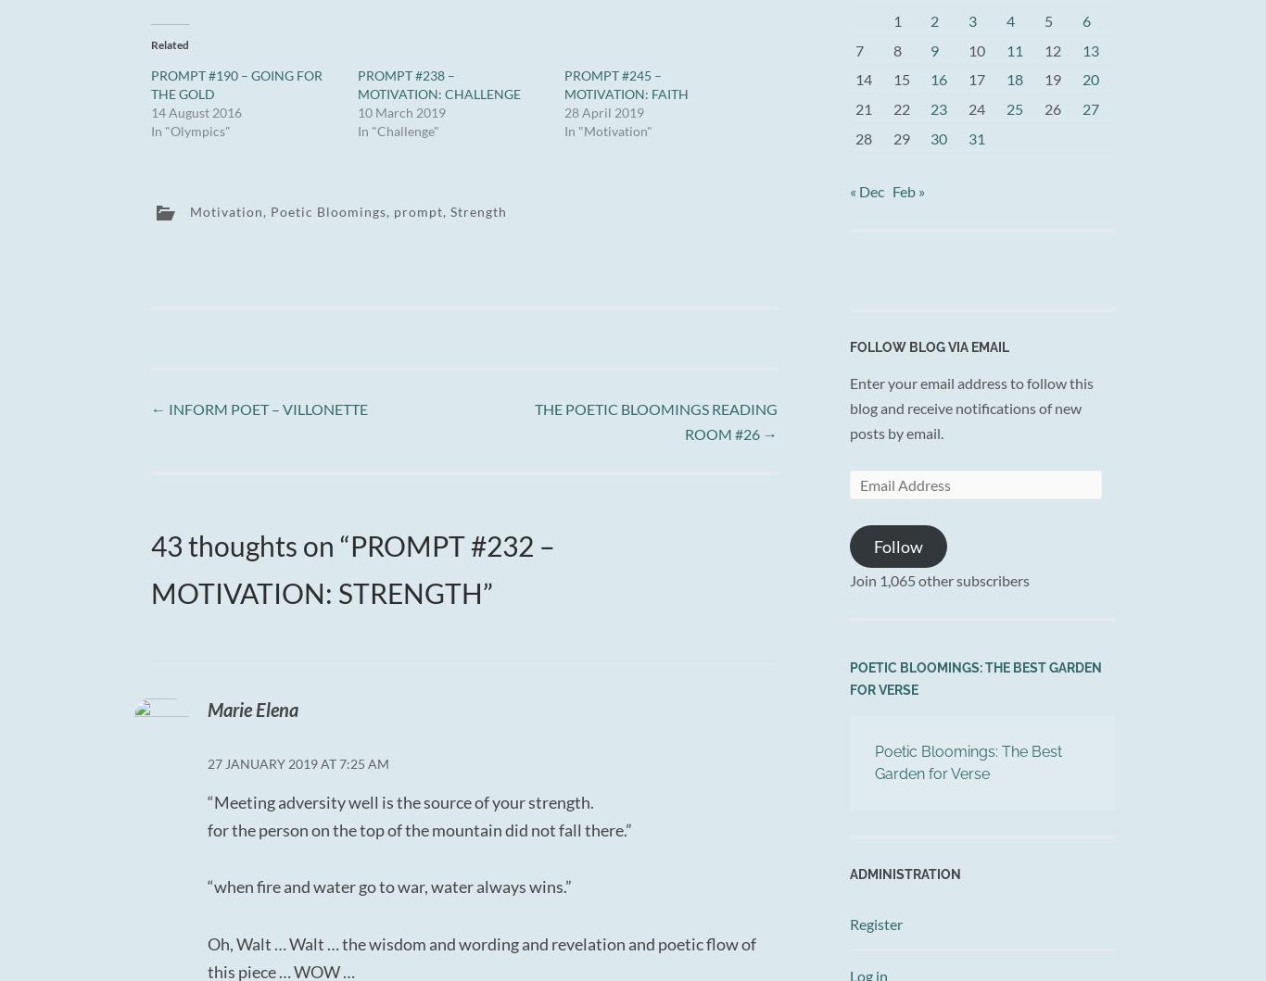 The height and width of the screenshot is (981, 1266). Describe the element at coordinates (976, 107) in the screenshot. I see `'24'` at that location.